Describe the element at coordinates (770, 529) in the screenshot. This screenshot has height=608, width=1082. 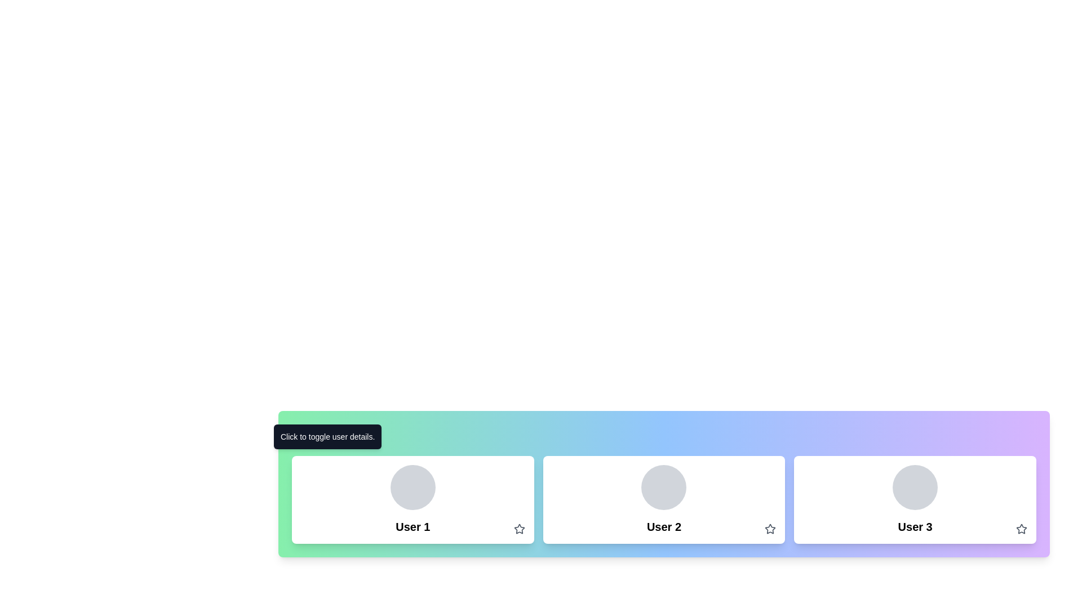
I see `the star icon located in the bottom-right corner of the 'User 2' card to change its color` at that location.